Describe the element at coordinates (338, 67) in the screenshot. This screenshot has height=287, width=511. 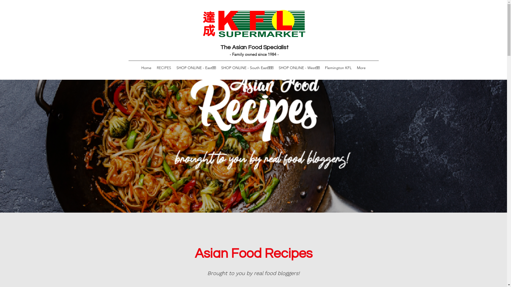
I see `'Flemington KFL'` at that location.